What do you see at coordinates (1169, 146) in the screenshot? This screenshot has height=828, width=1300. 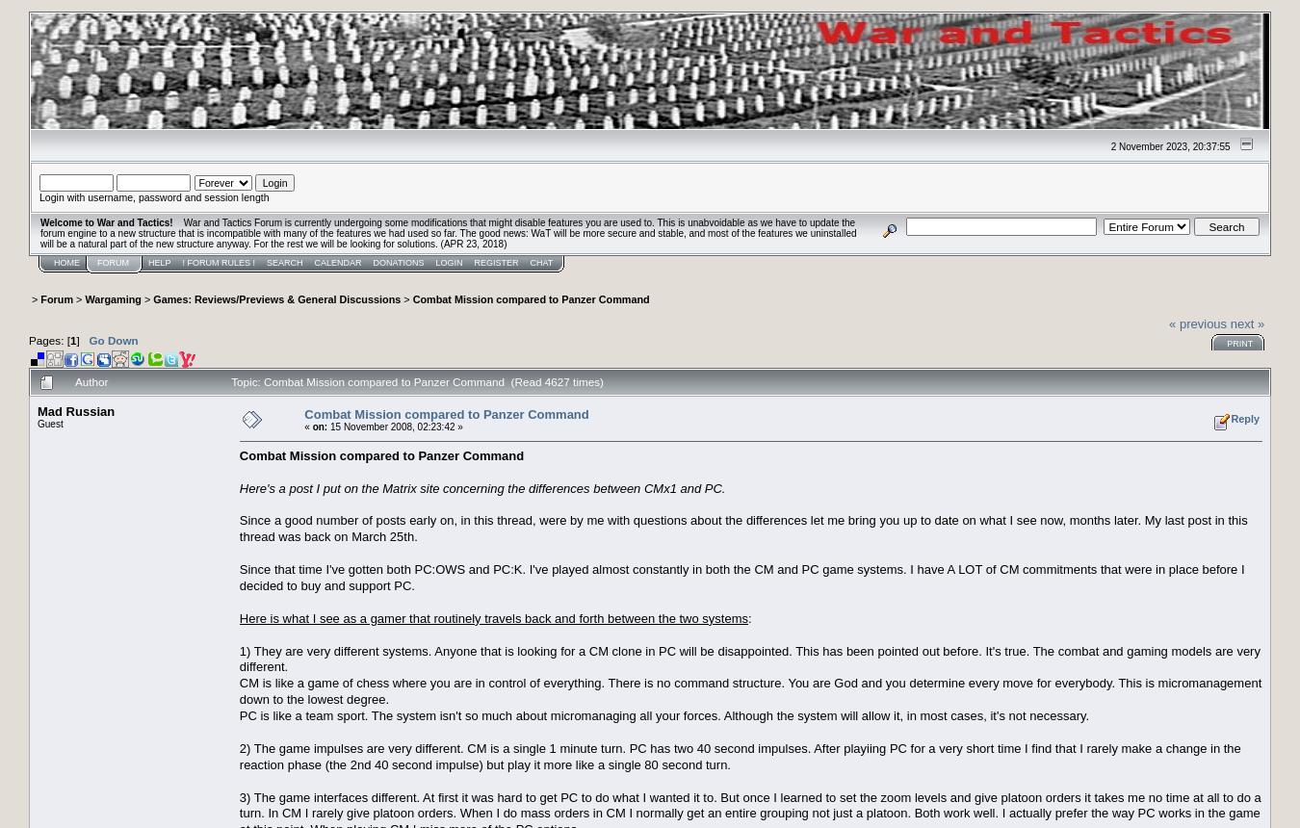 I see `'2 November 2023, 20:37:55'` at bounding box center [1169, 146].